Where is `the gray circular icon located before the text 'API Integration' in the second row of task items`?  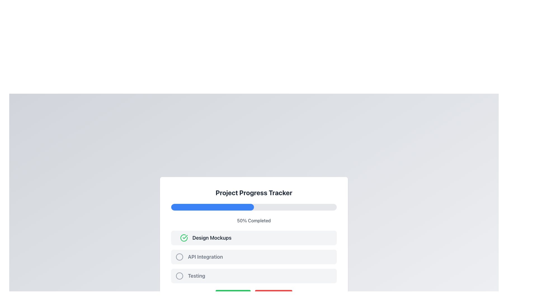
the gray circular icon located before the text 'API Integration' in the second row of task items is located at coordinates (180, 257).